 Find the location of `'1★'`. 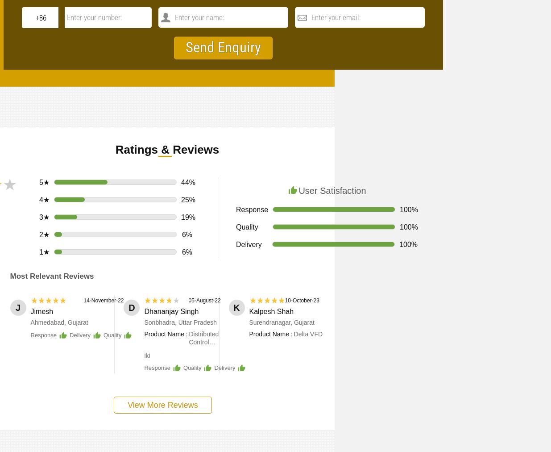

'1★' is located at coordinates (44, 251).